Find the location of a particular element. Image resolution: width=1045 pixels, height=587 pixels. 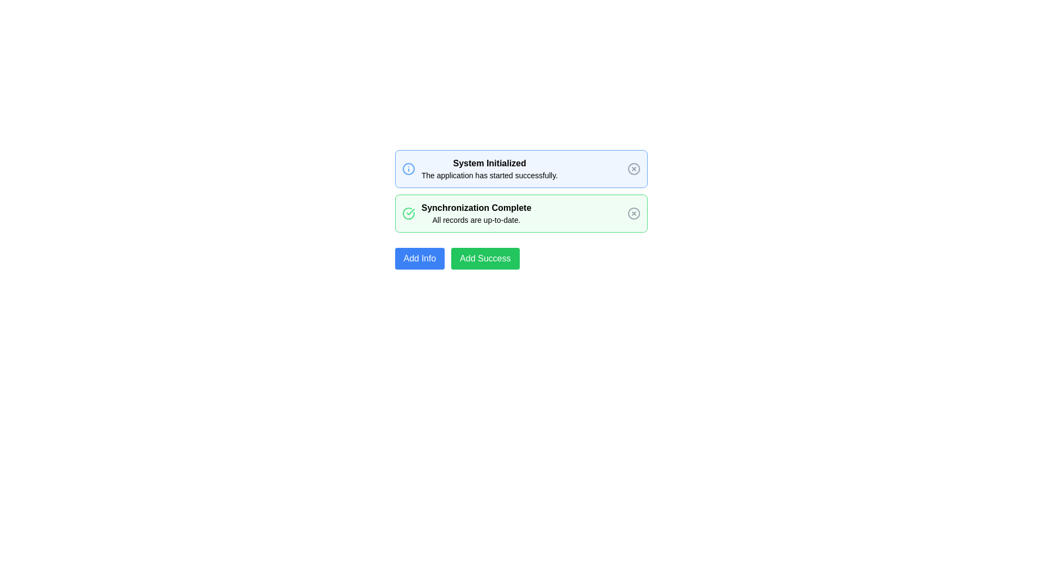

the informational message component indicating successful synchronization, which is located in a green-bordered box in the middle of the interface, below 'System Initialized' and above 'Add Info' and 'Add Success' buttons is located at coordinates (466, 214).